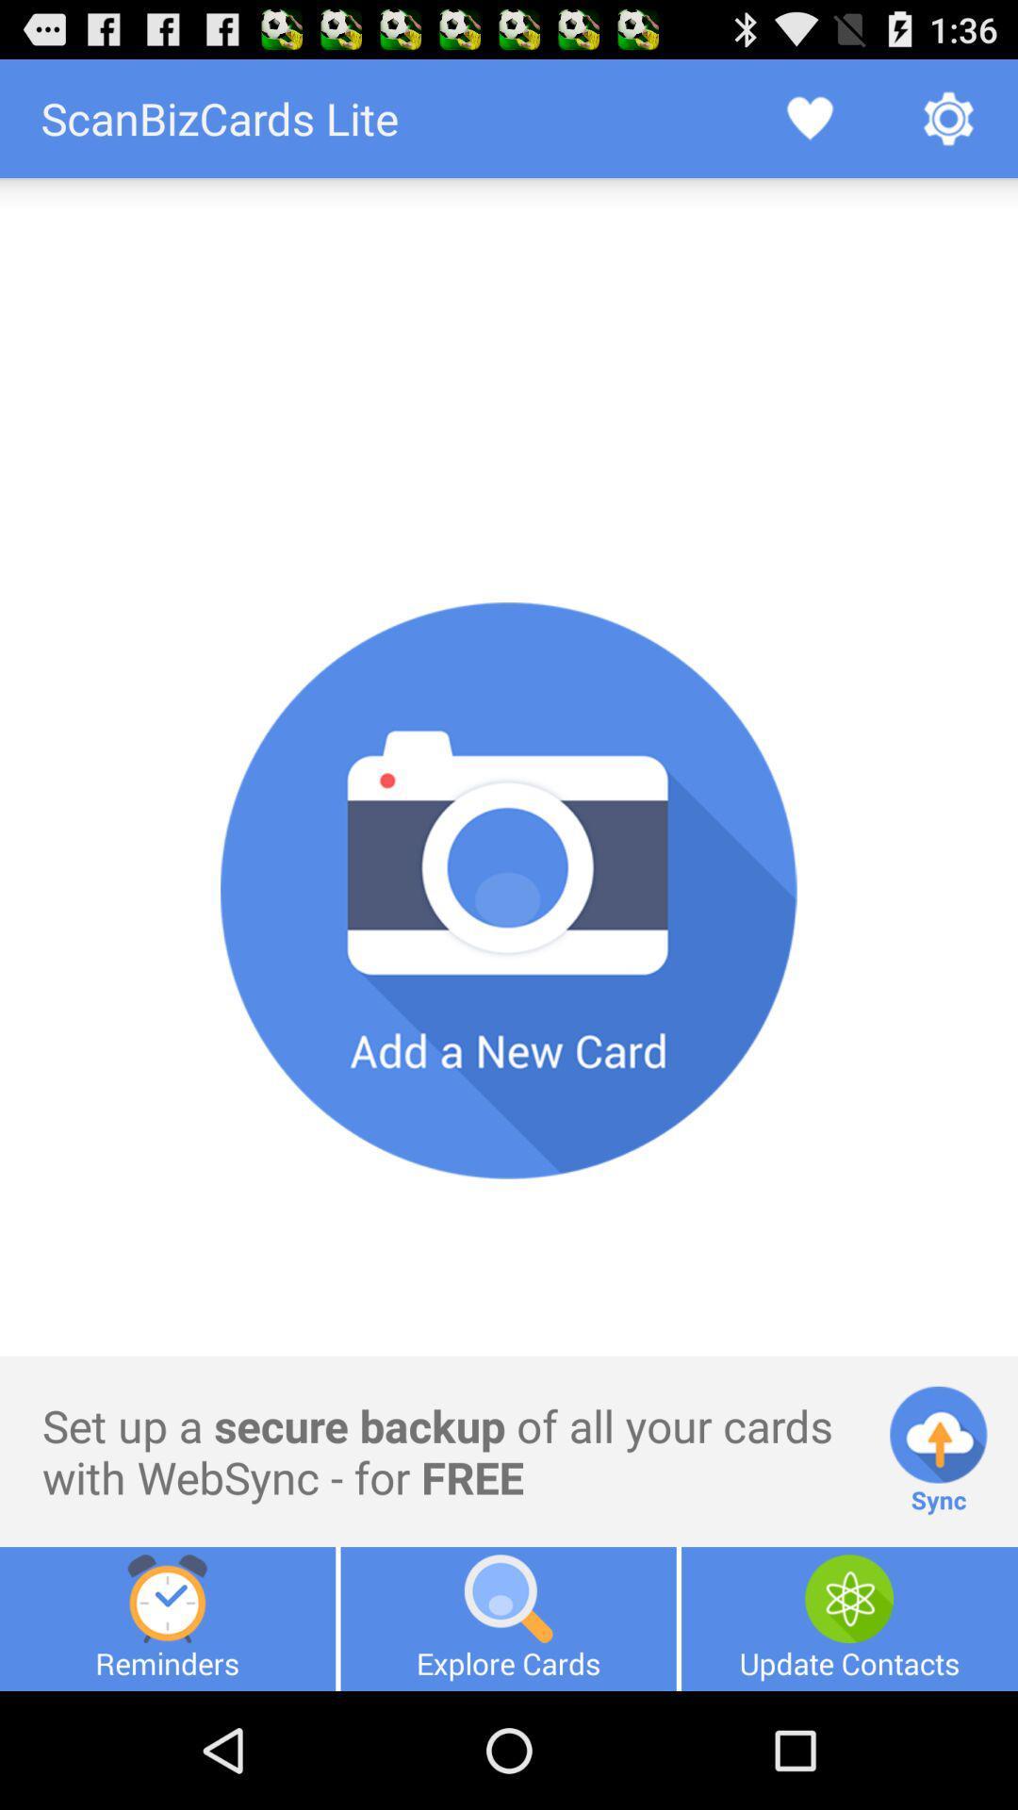 This screenshot has height=1810, width=1018. I want to click on picture, so click(509, 890).